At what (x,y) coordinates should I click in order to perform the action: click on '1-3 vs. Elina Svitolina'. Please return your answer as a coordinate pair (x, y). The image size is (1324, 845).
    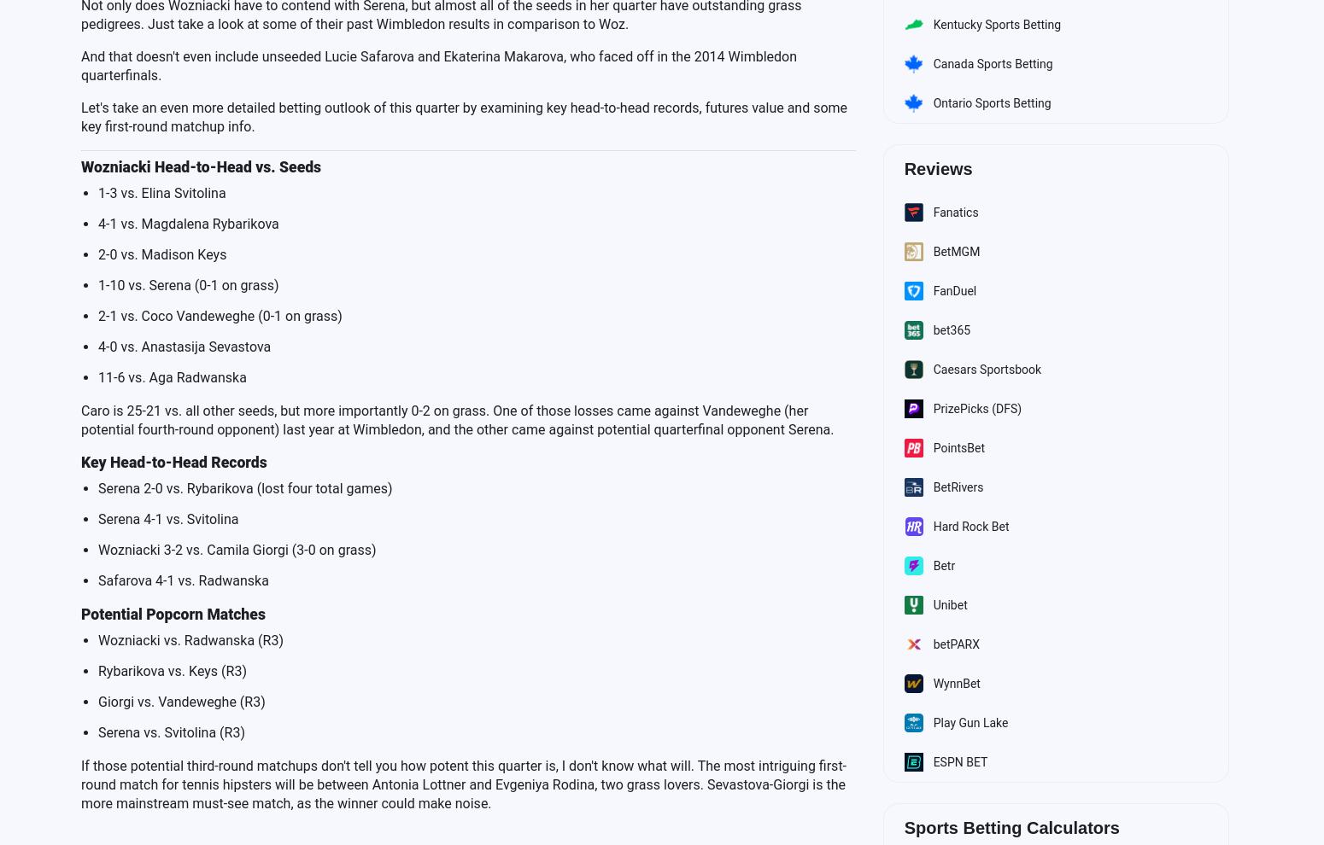
    Looking at the image, I should click on (161, 191).